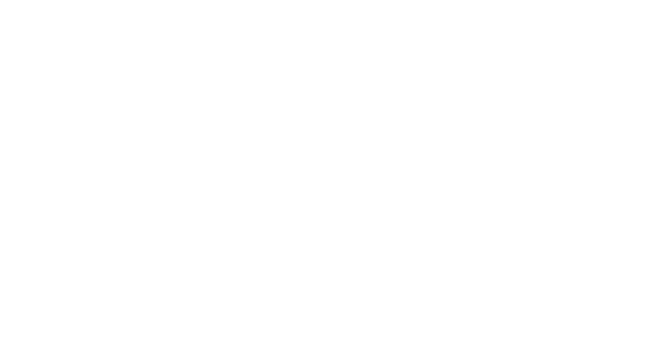 Image resolution: width=667 pixels, height=338 pixels. What do you see at coordinates (451, 261) in the screenshot?
I see `'Subscribe'` at bounding box center [451, 261].